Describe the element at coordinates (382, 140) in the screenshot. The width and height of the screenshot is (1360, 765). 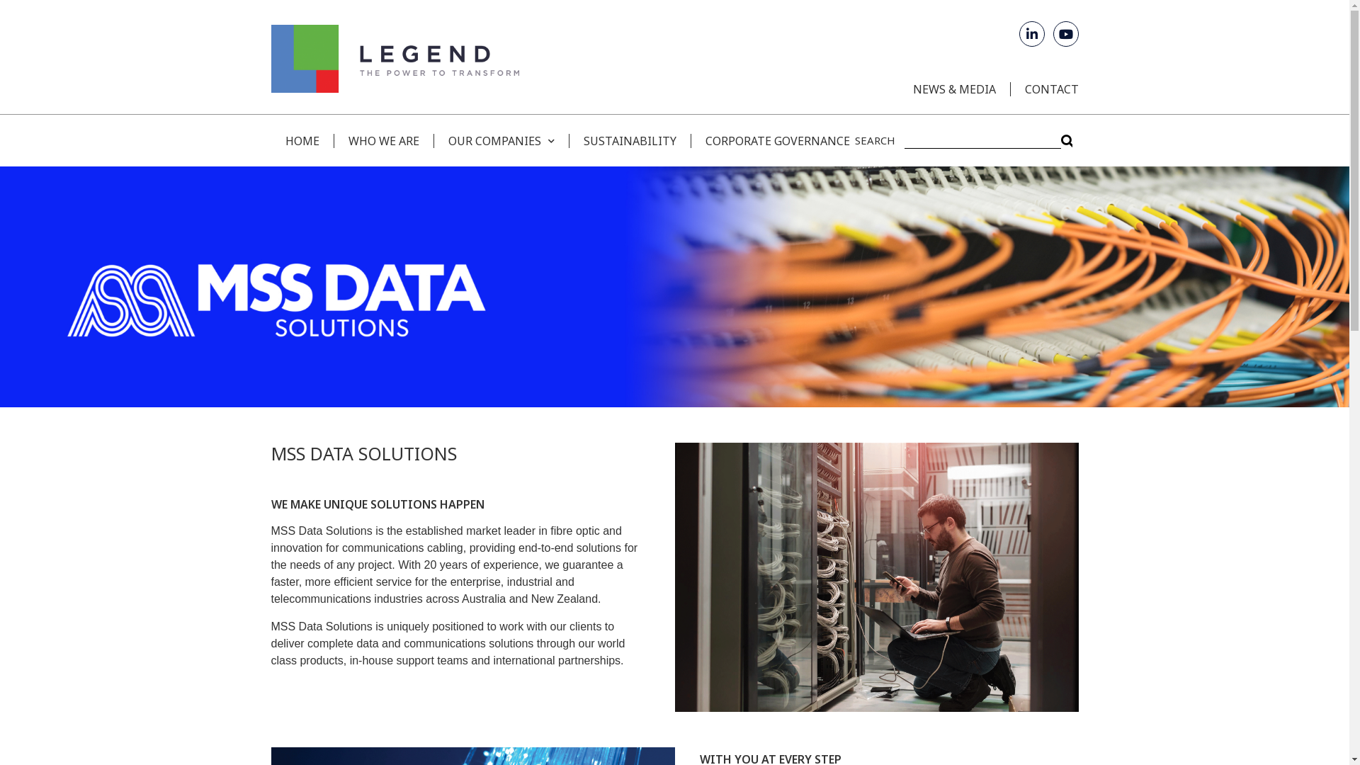
I see `'WHO WE ARE'` at that location.